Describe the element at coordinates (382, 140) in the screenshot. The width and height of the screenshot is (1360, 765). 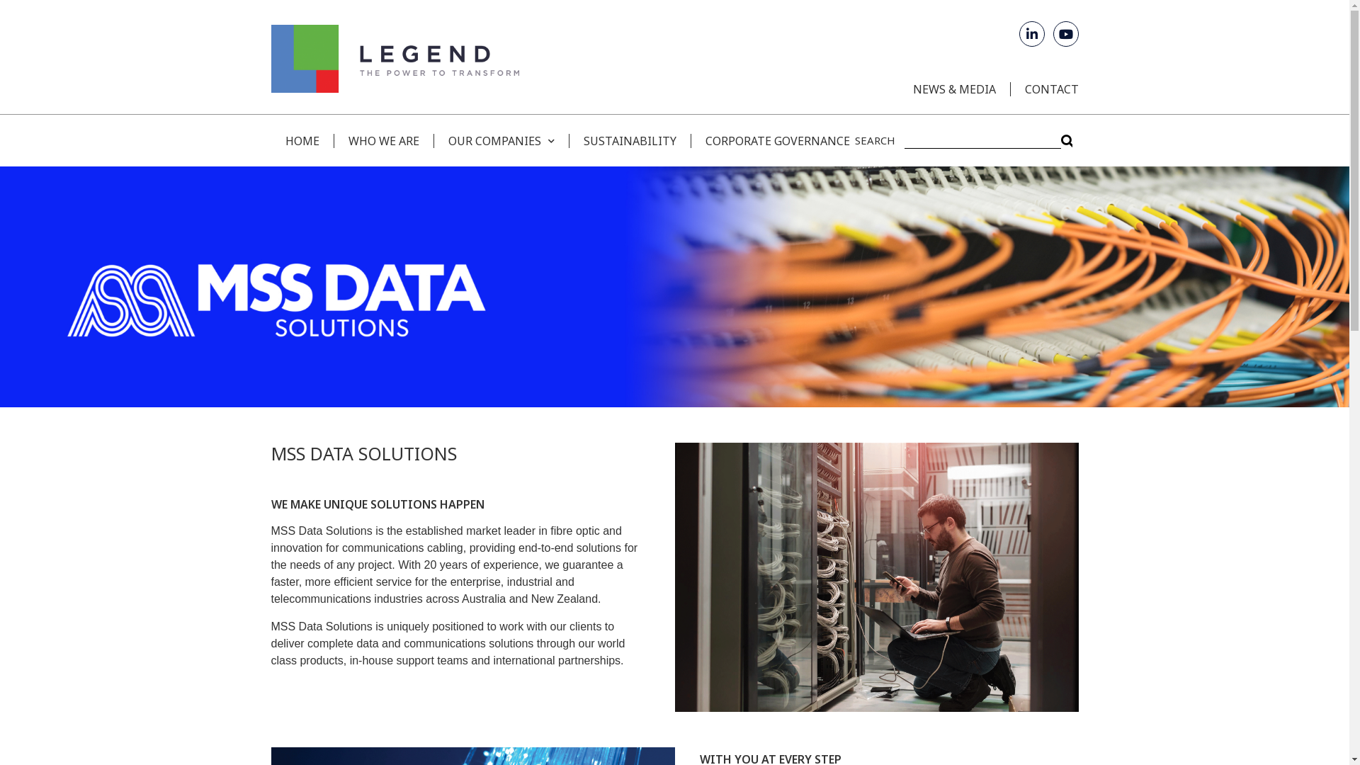
I see `'WHO WE ARE'` at that location.